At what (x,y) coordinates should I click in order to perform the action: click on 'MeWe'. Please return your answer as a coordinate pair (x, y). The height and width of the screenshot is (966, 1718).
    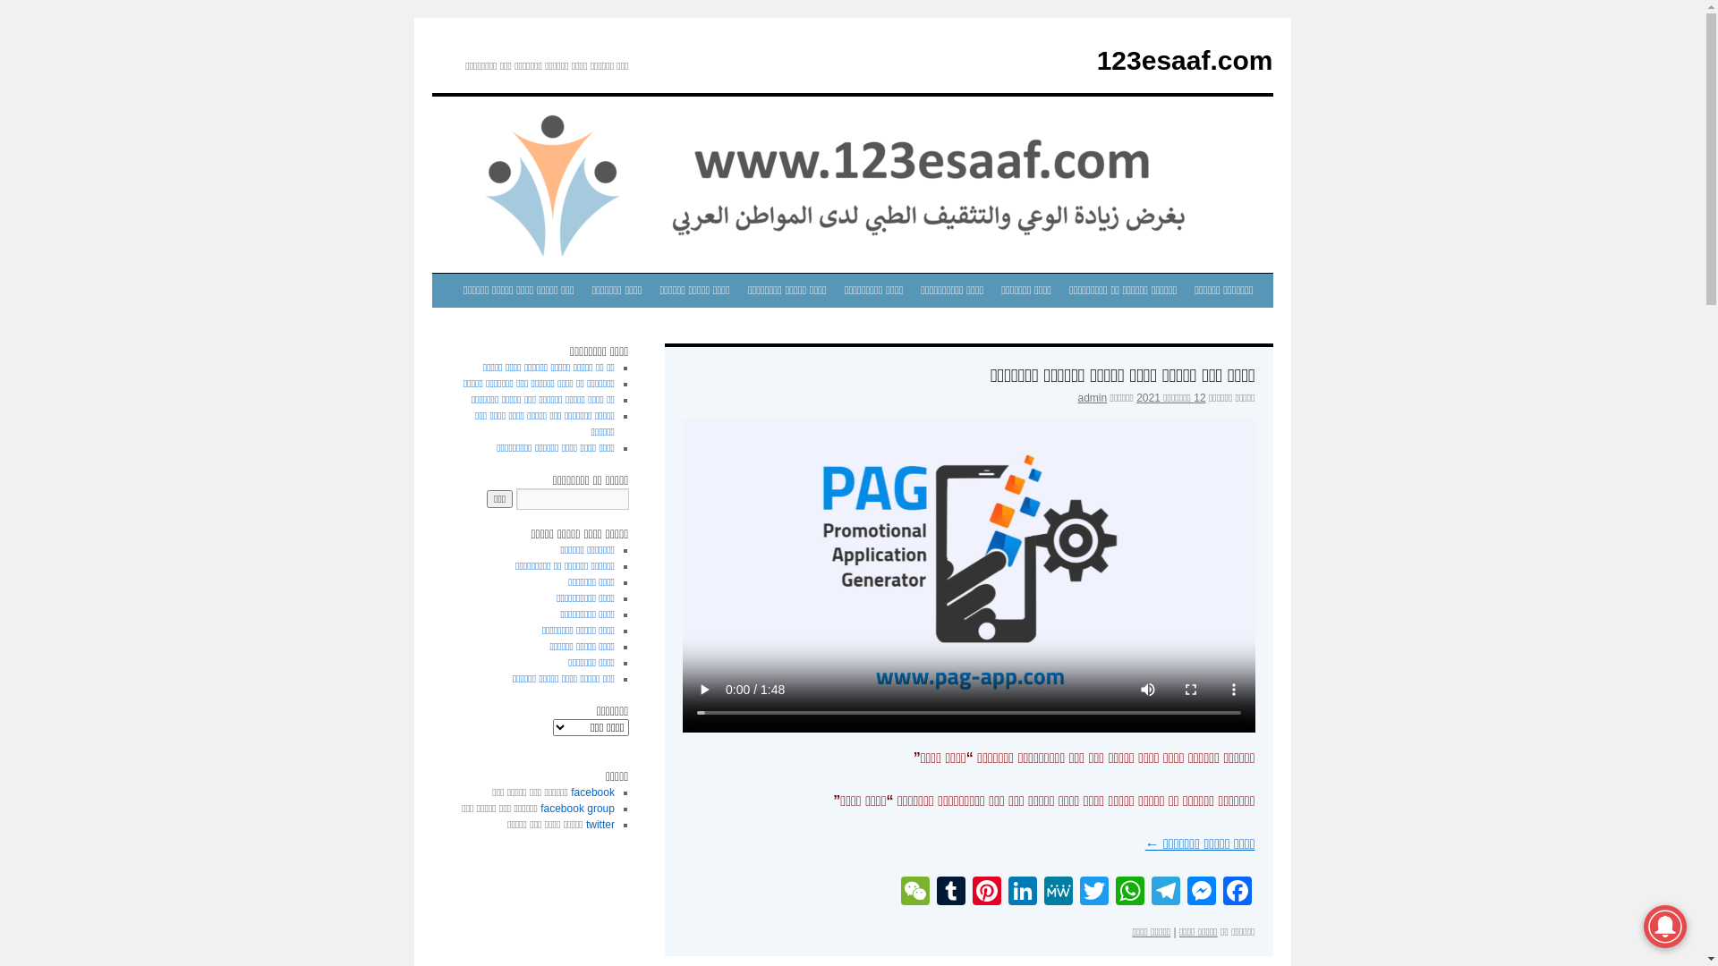
    Looking at the image, I should click on (1057, 893).